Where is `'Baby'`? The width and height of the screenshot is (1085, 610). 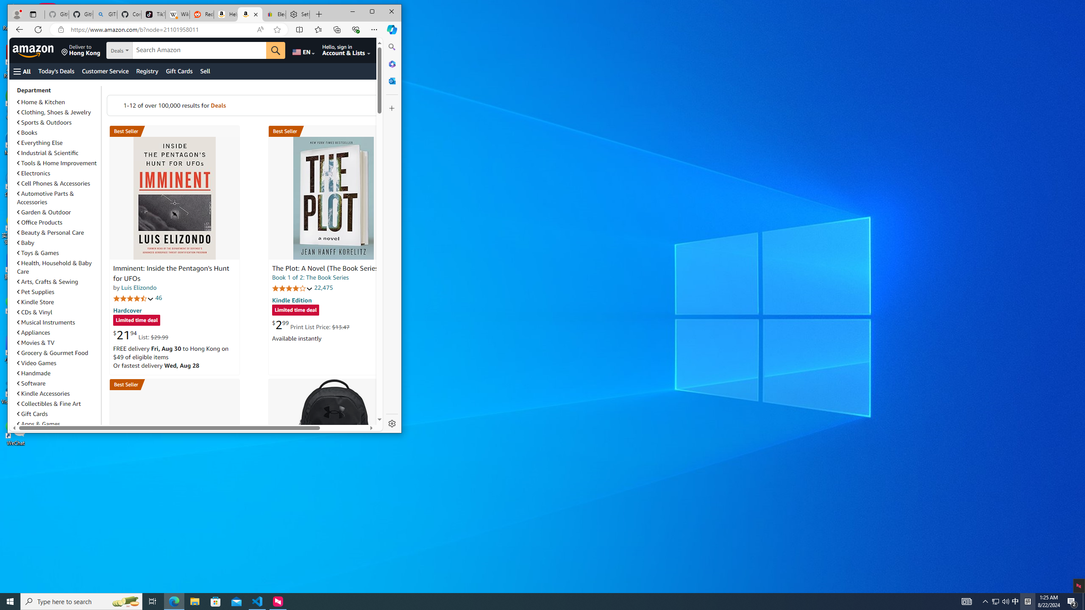 'Baby' is located at coordinates (57, 242).